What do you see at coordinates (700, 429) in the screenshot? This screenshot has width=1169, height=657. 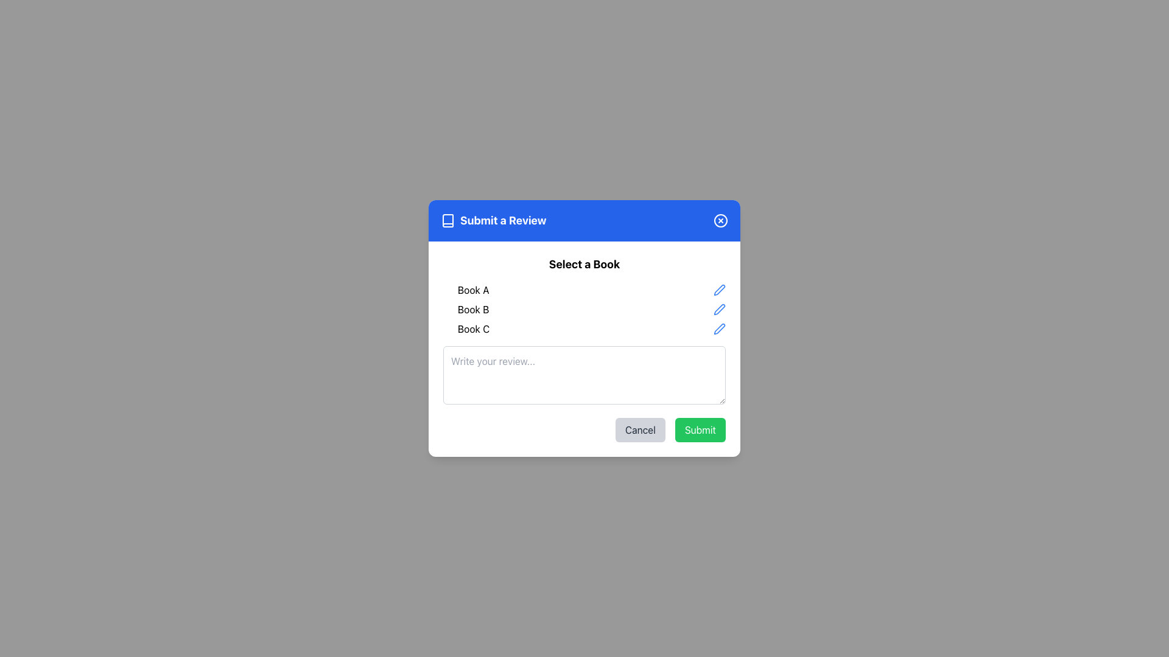 I see `the 'Submit' button with a green background and white text` at bounding box center [700, 429].